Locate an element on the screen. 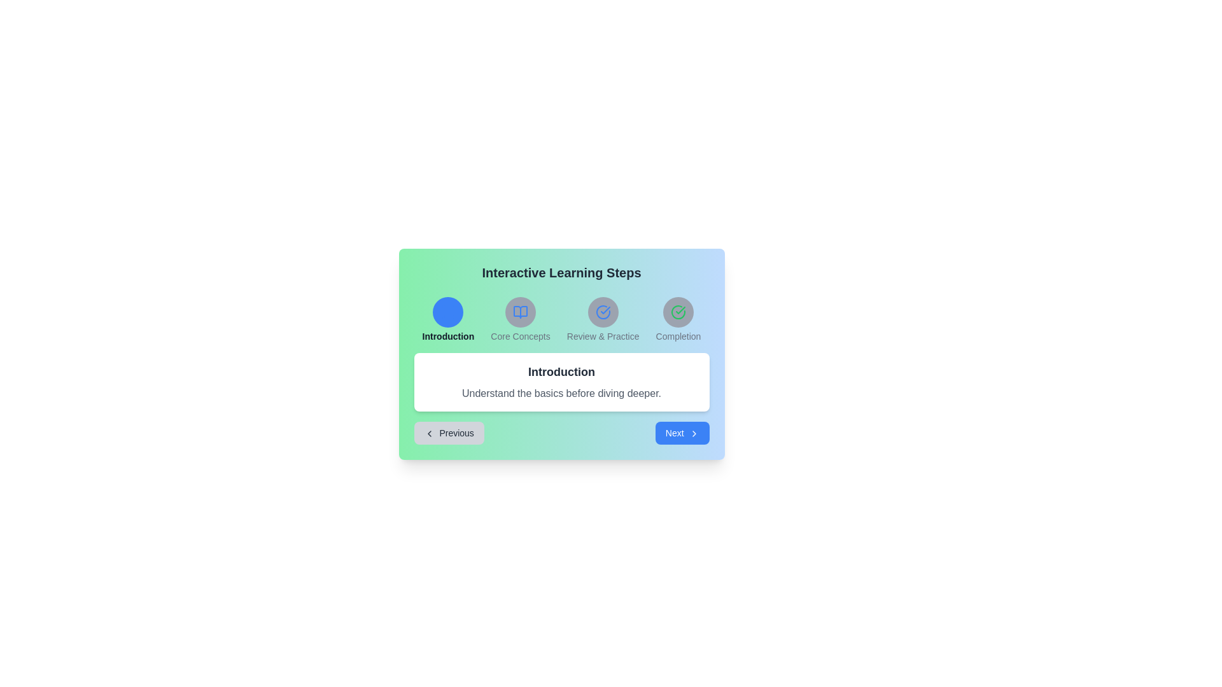 Image resolution: width=1222 pixels, height=687 pixels. the Checkmark icon located inside the green circular element on the right side of the steps navigation bar for visual confirmation is located at coordinates (680, 310).